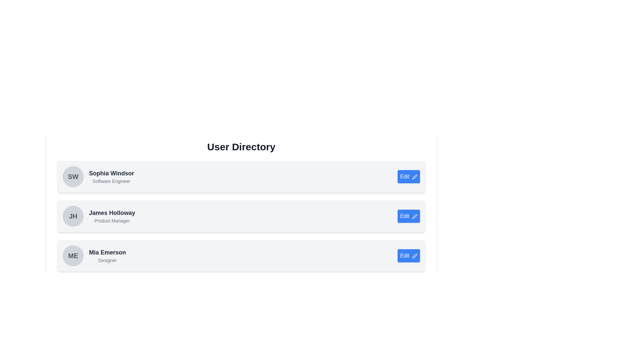  What do you see at coordinates (111, 176) in the screenshot?
I see `the text label that displays the name and job title of the individual in the first entry of the user directory, located to the right of the circular avatar with initials 'SW'` at bounding box center [111, 176].